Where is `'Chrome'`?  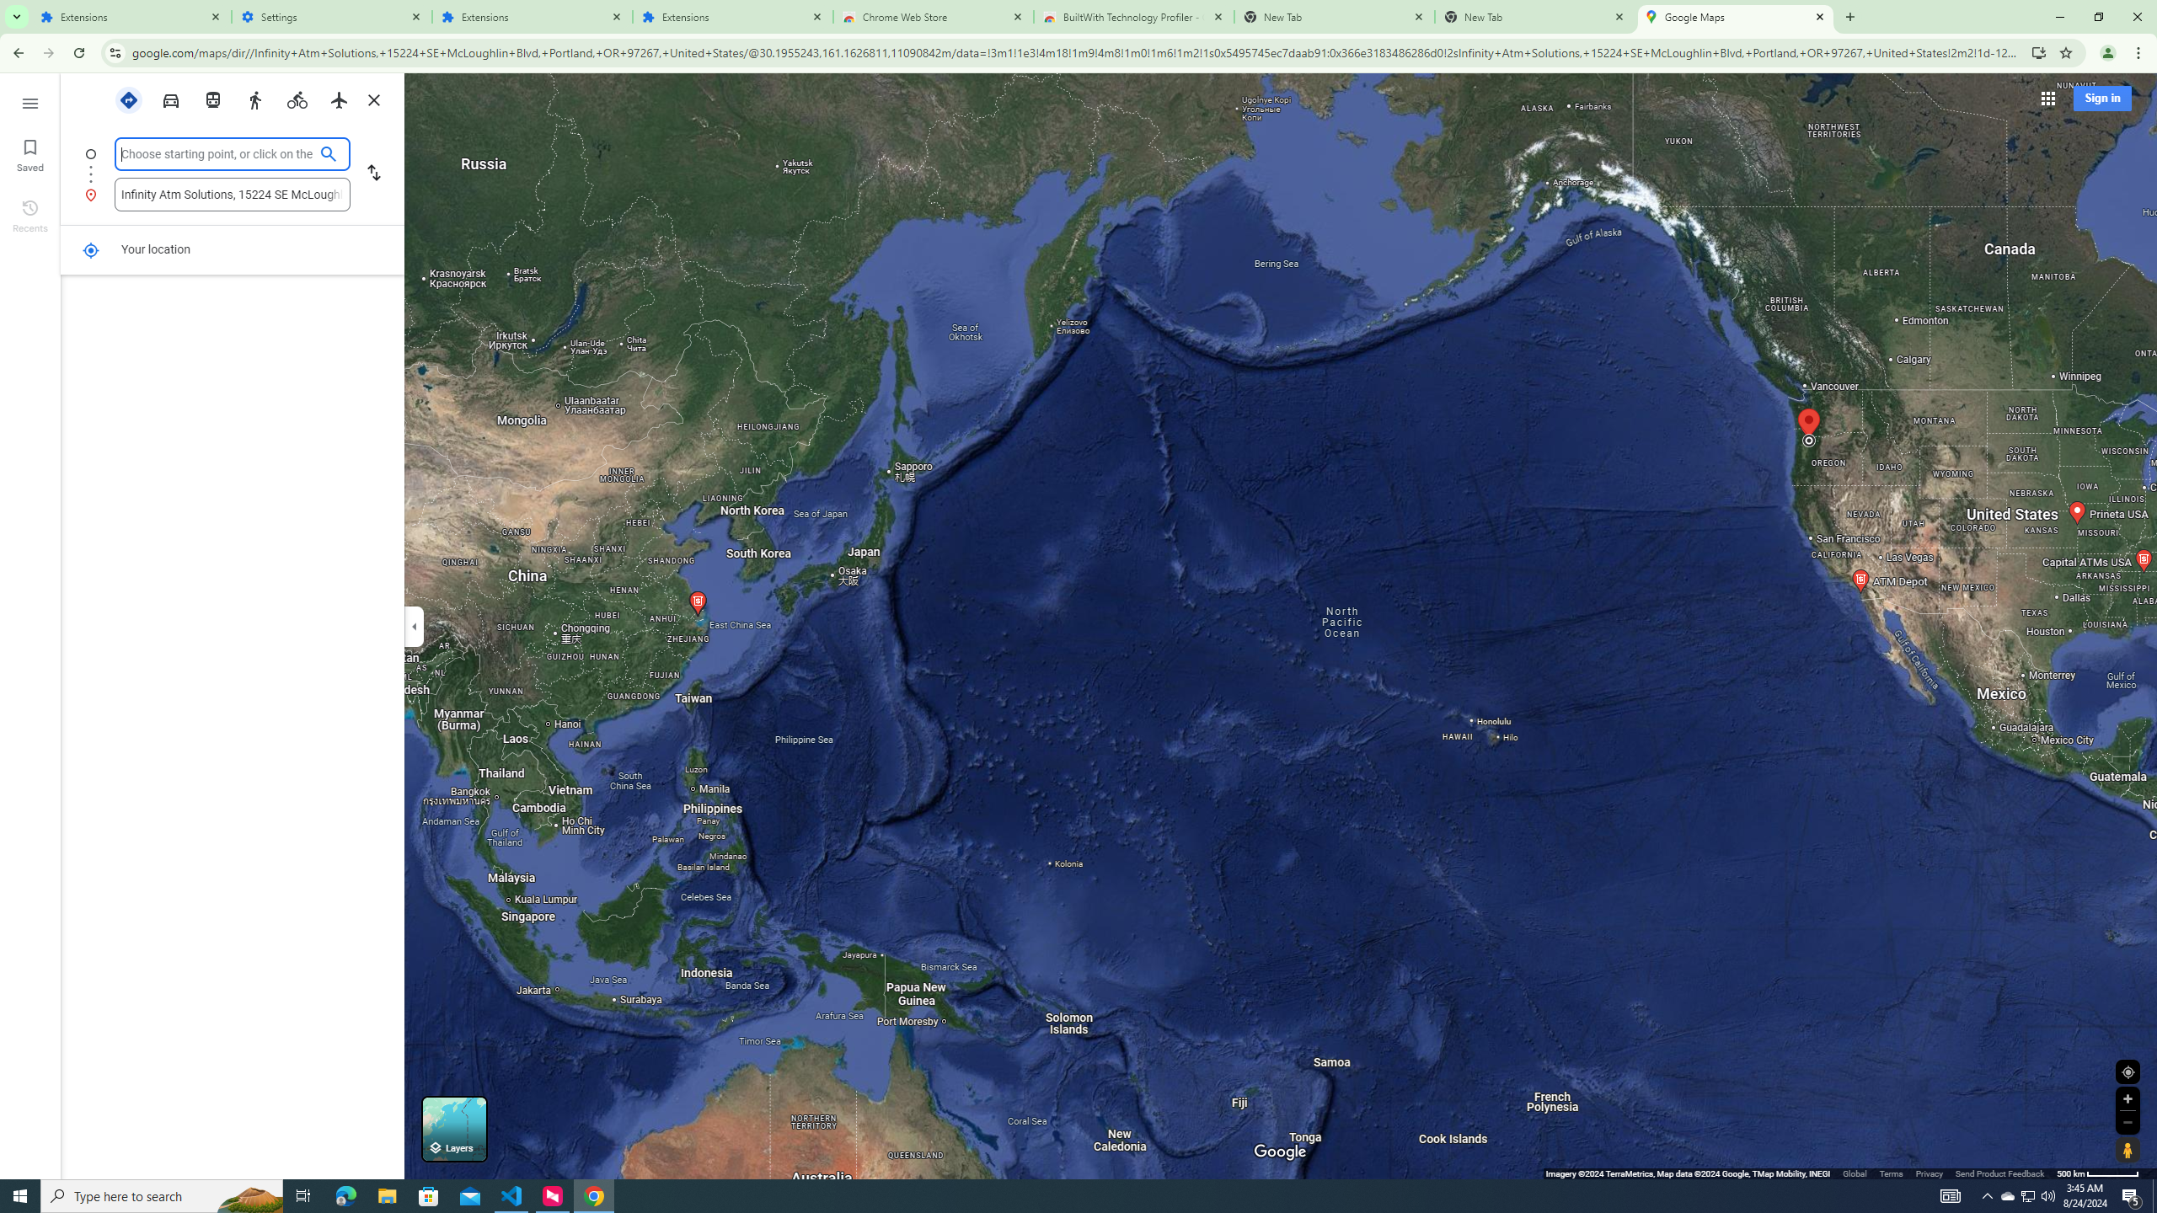 'Chrome' is located at coordinates (2139, 52).